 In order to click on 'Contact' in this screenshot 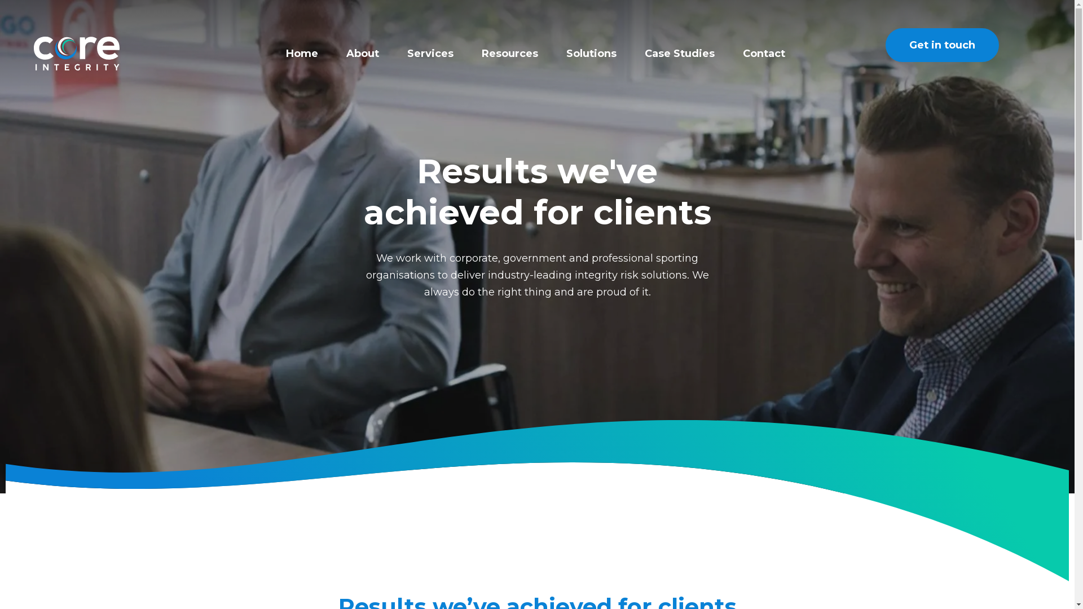, I will do `click(764, 54)`.